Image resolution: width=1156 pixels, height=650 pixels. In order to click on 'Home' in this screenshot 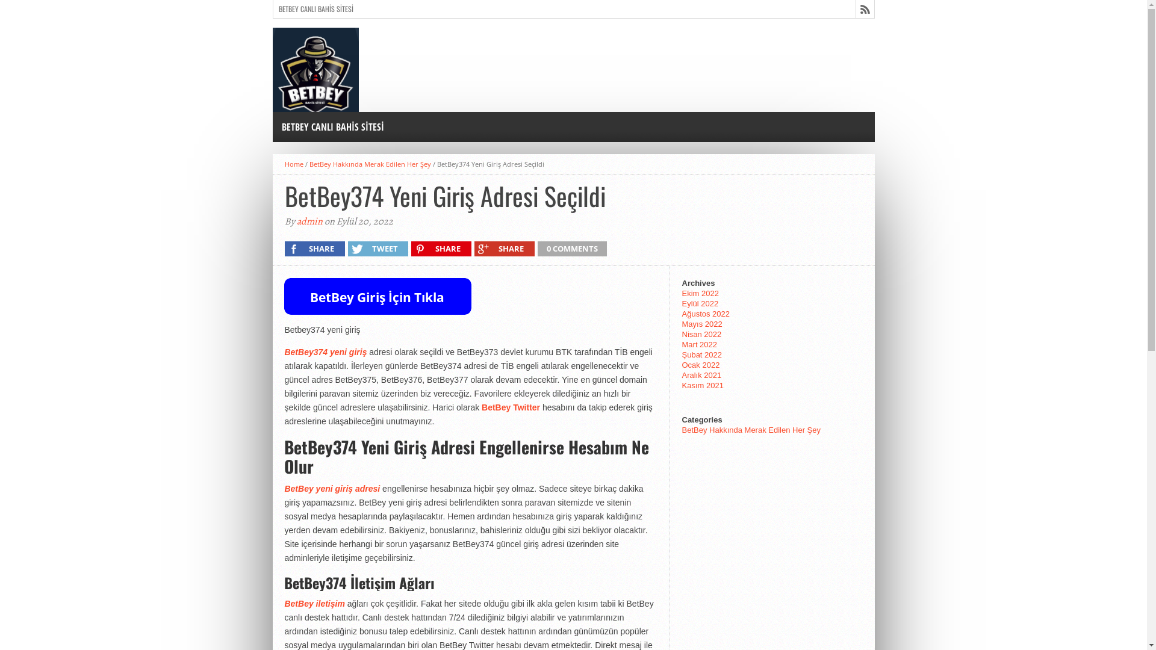, I will do `click(293, 164)`.